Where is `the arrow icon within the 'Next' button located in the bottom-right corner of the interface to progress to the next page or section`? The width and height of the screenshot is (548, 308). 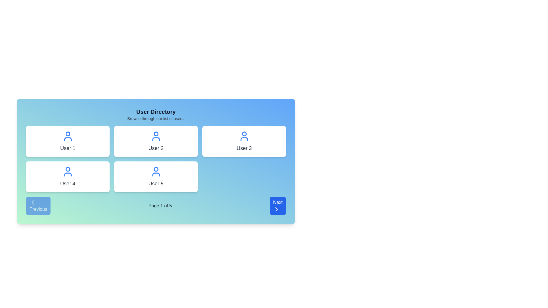
the arrow icon within the 'Next' button located in the bottom-right corner of the interface to progress to the next page or section is located at coordinates (277, 209).